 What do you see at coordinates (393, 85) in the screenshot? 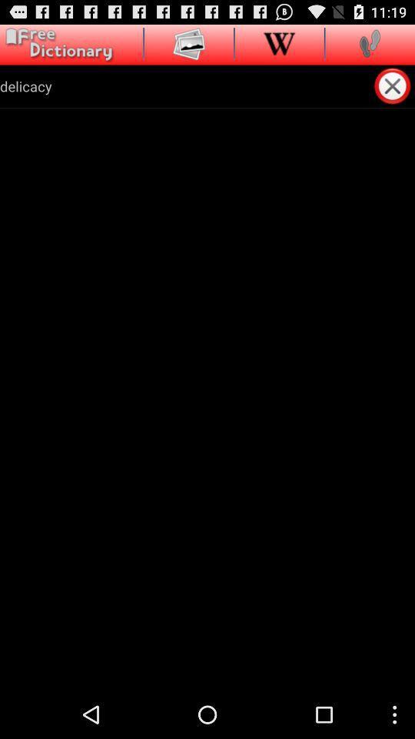
I see `exit out` at bounding box center [393, 85].